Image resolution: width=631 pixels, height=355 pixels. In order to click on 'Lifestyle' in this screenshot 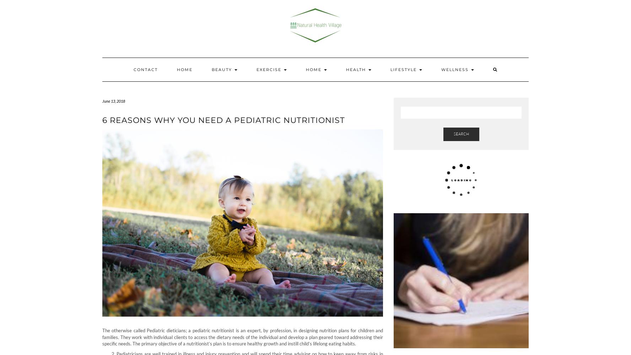, I will do `click(404, 69)`.